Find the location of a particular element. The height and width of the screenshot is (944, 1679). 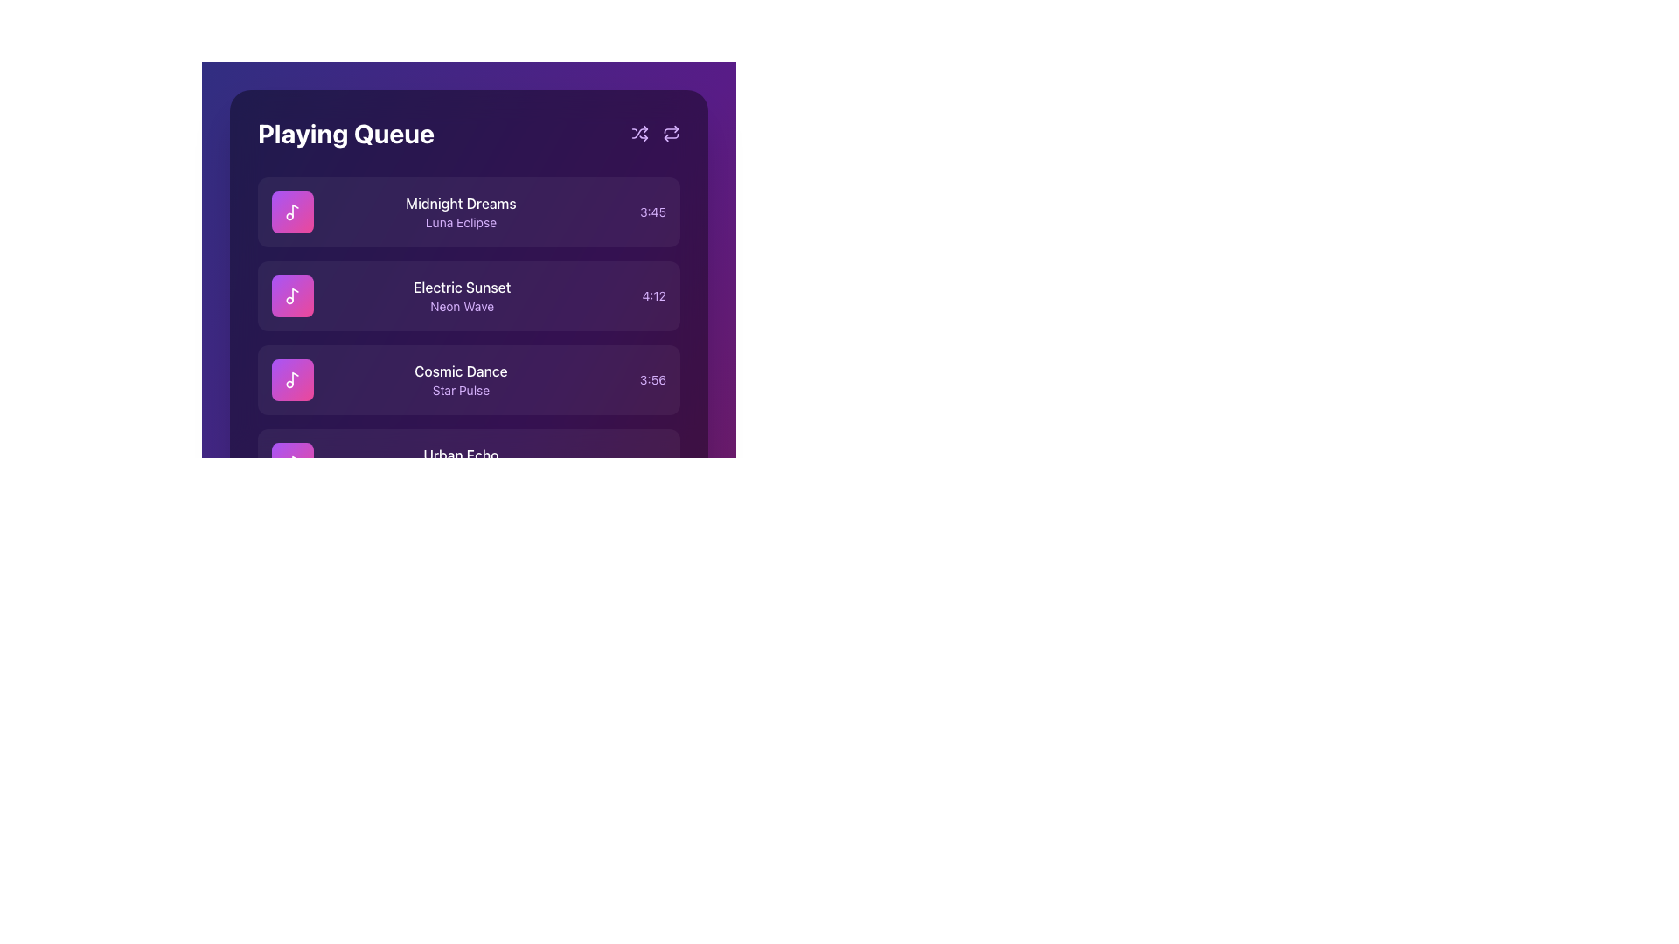

song title displayed in the text label 'Midnight Dreams', which is located at the top of a list item in the 'Playing Queue' section is located at coordinates (461, 202).